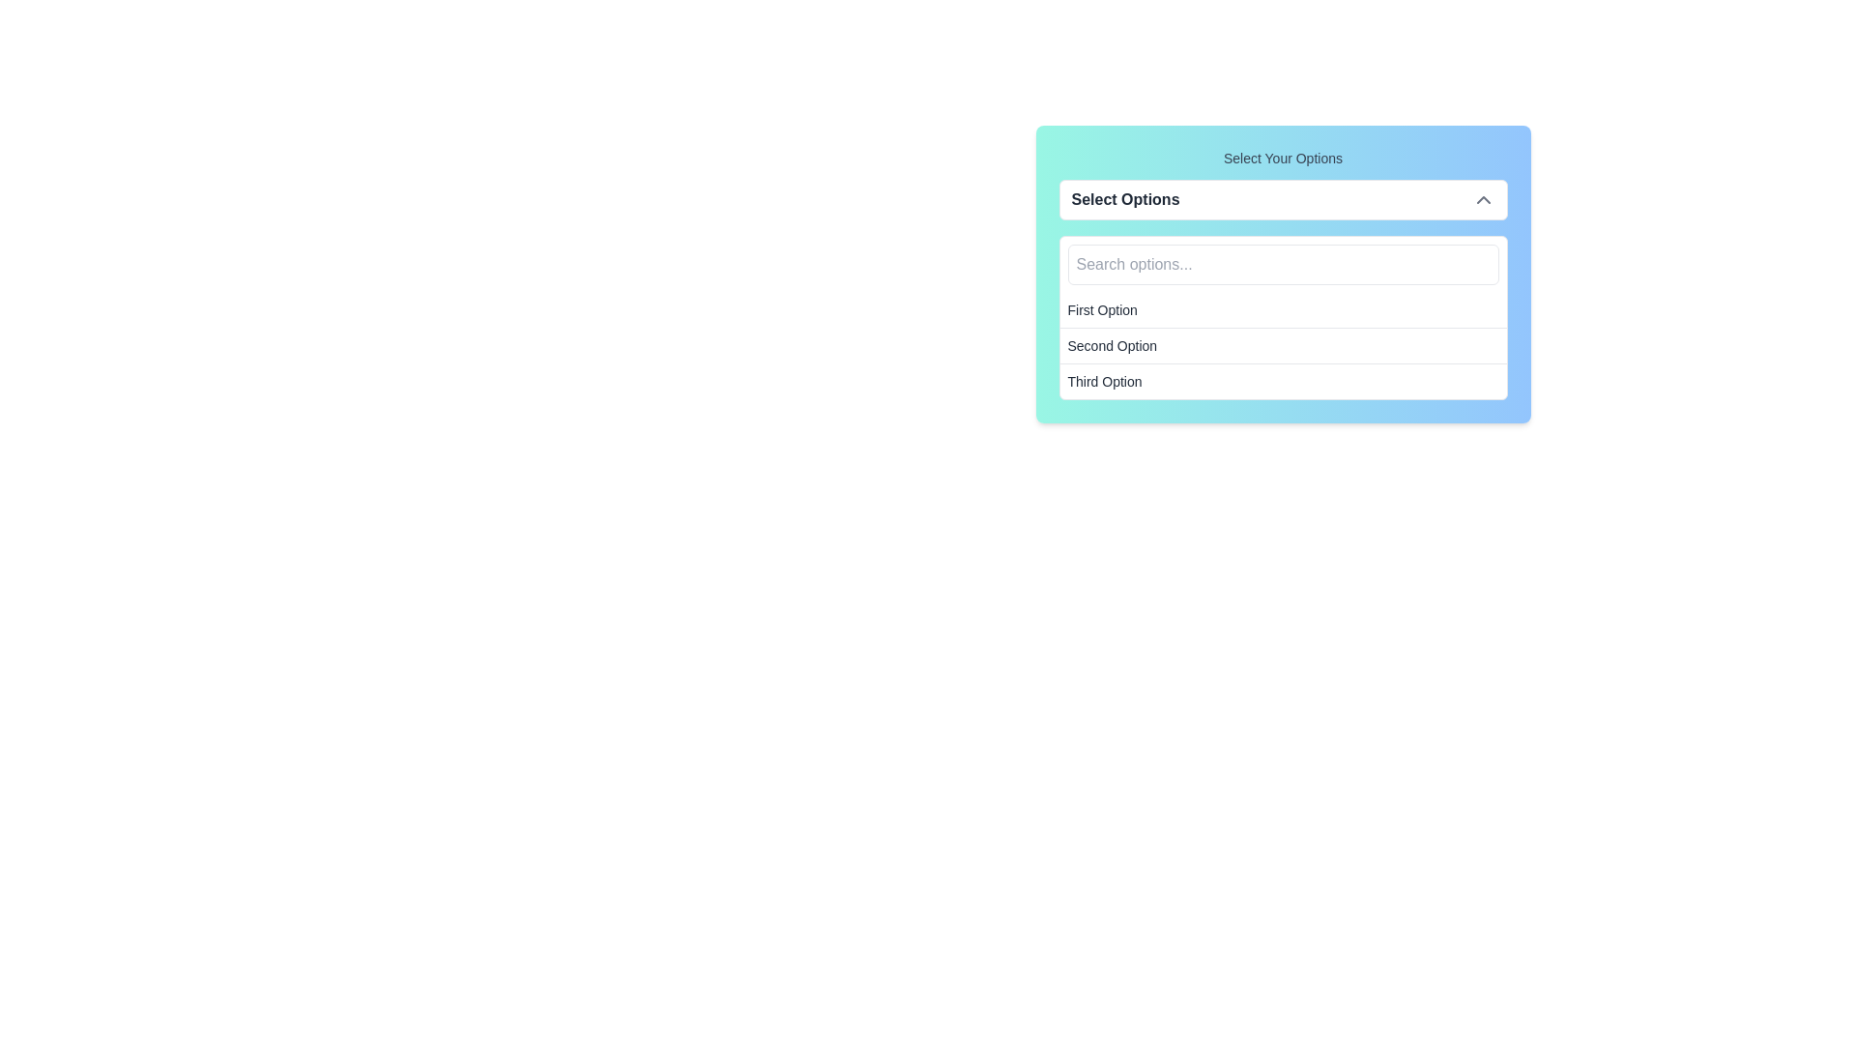  I want to click on text label representing the first option in the dropdown menu, which is located just below the search input field, so click(1102, 308).